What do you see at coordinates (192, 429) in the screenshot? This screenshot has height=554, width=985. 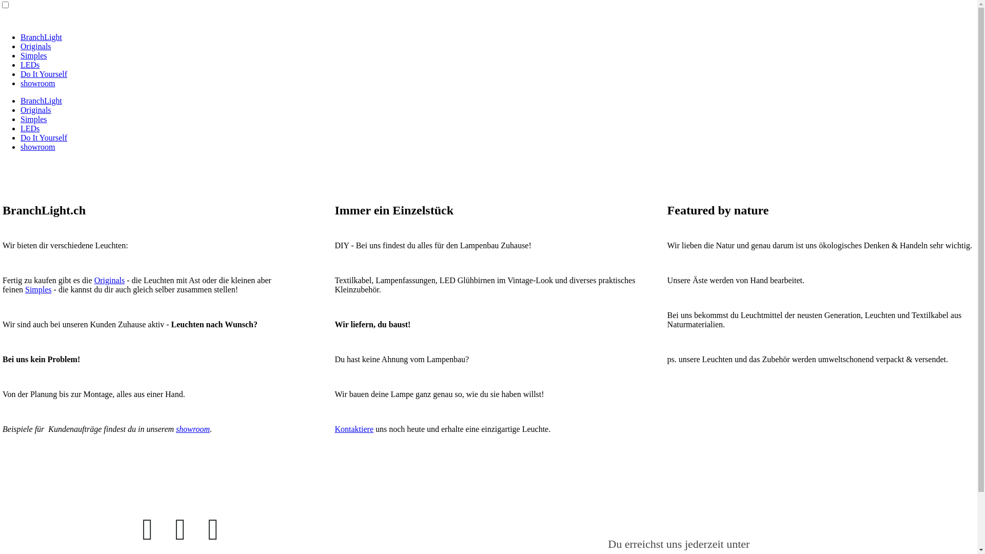 I see `'showroom'` at bounding box center [192, 429].